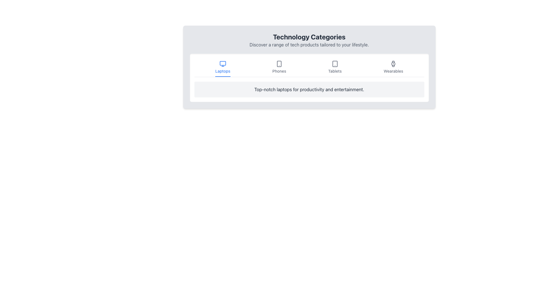  Describe the element at coordinates (335, 64) in the screenshot. I see `the tablet icon represented by a rectangle with rounded corners in the 'Tablets' category menu` at that location.